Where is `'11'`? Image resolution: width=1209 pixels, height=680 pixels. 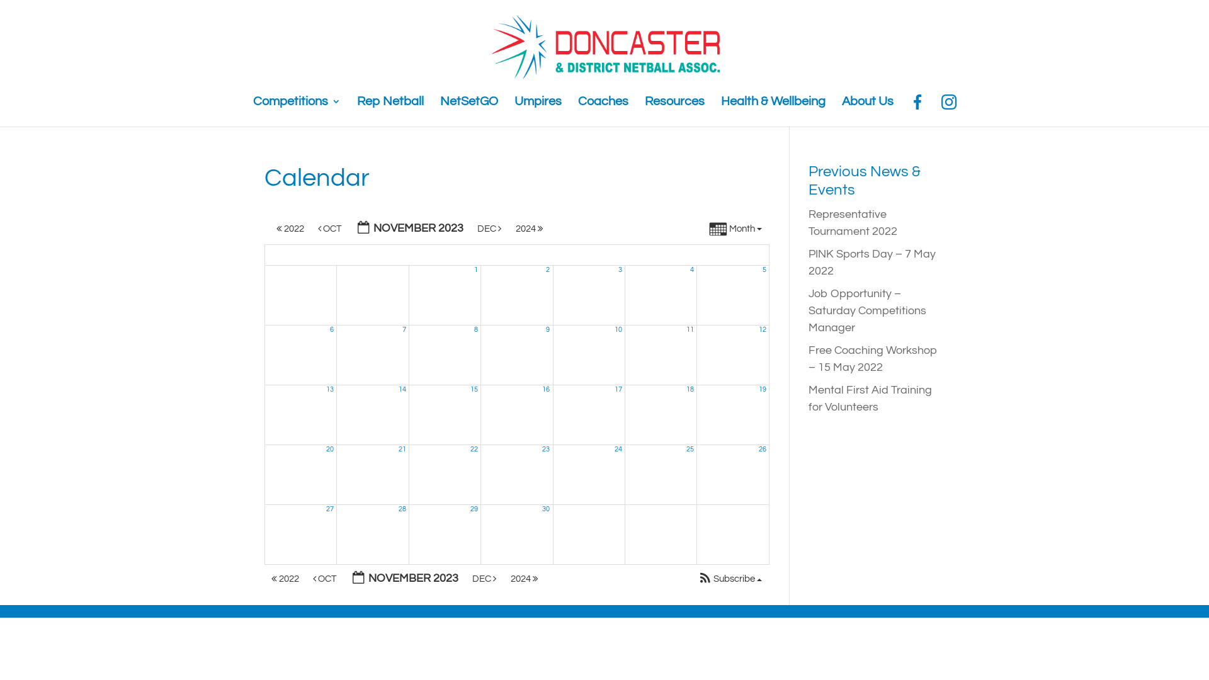
'11' is located at coordinates (685, 329).